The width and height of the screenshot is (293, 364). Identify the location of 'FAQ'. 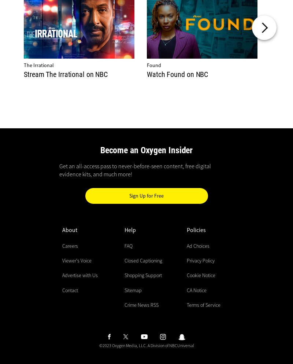
(125, 246).